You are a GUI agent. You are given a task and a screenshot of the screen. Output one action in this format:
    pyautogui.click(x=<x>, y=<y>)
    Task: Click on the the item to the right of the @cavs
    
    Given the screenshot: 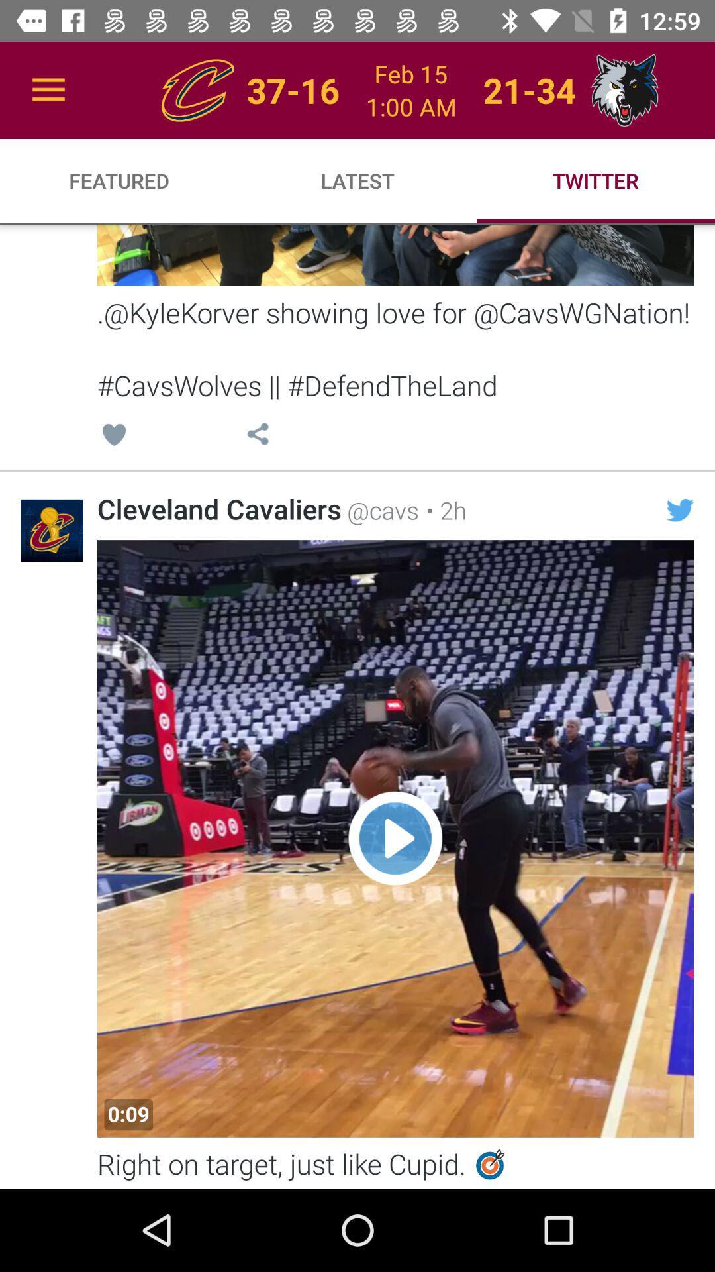 What is the action you would take?
    pyautogui.click(x=442, y=509)
    